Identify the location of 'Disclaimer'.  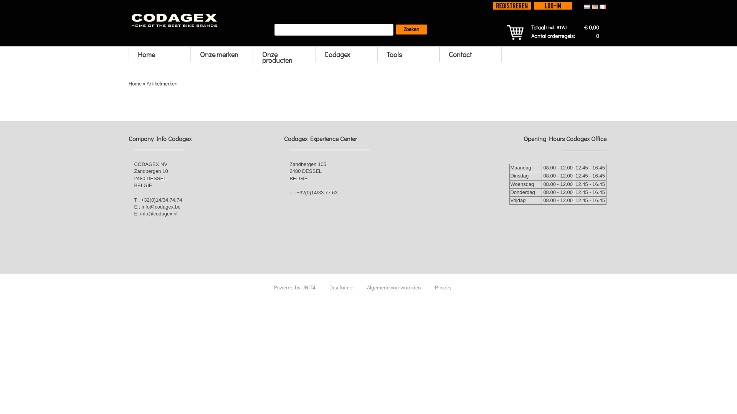
(347, 287).